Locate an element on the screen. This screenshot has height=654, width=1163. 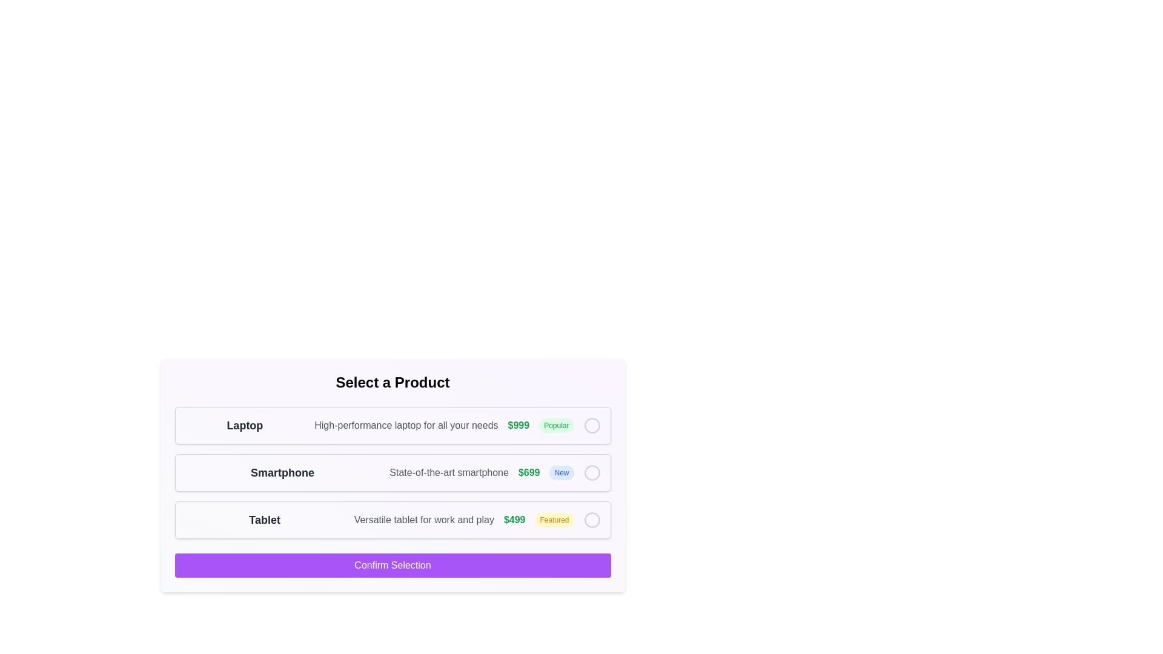
to select the 'Smartphone' product from the list, which is the second option with a bold label, a subtitle, a price in green, and a 'New' tag is located at coordinates (393, 472).